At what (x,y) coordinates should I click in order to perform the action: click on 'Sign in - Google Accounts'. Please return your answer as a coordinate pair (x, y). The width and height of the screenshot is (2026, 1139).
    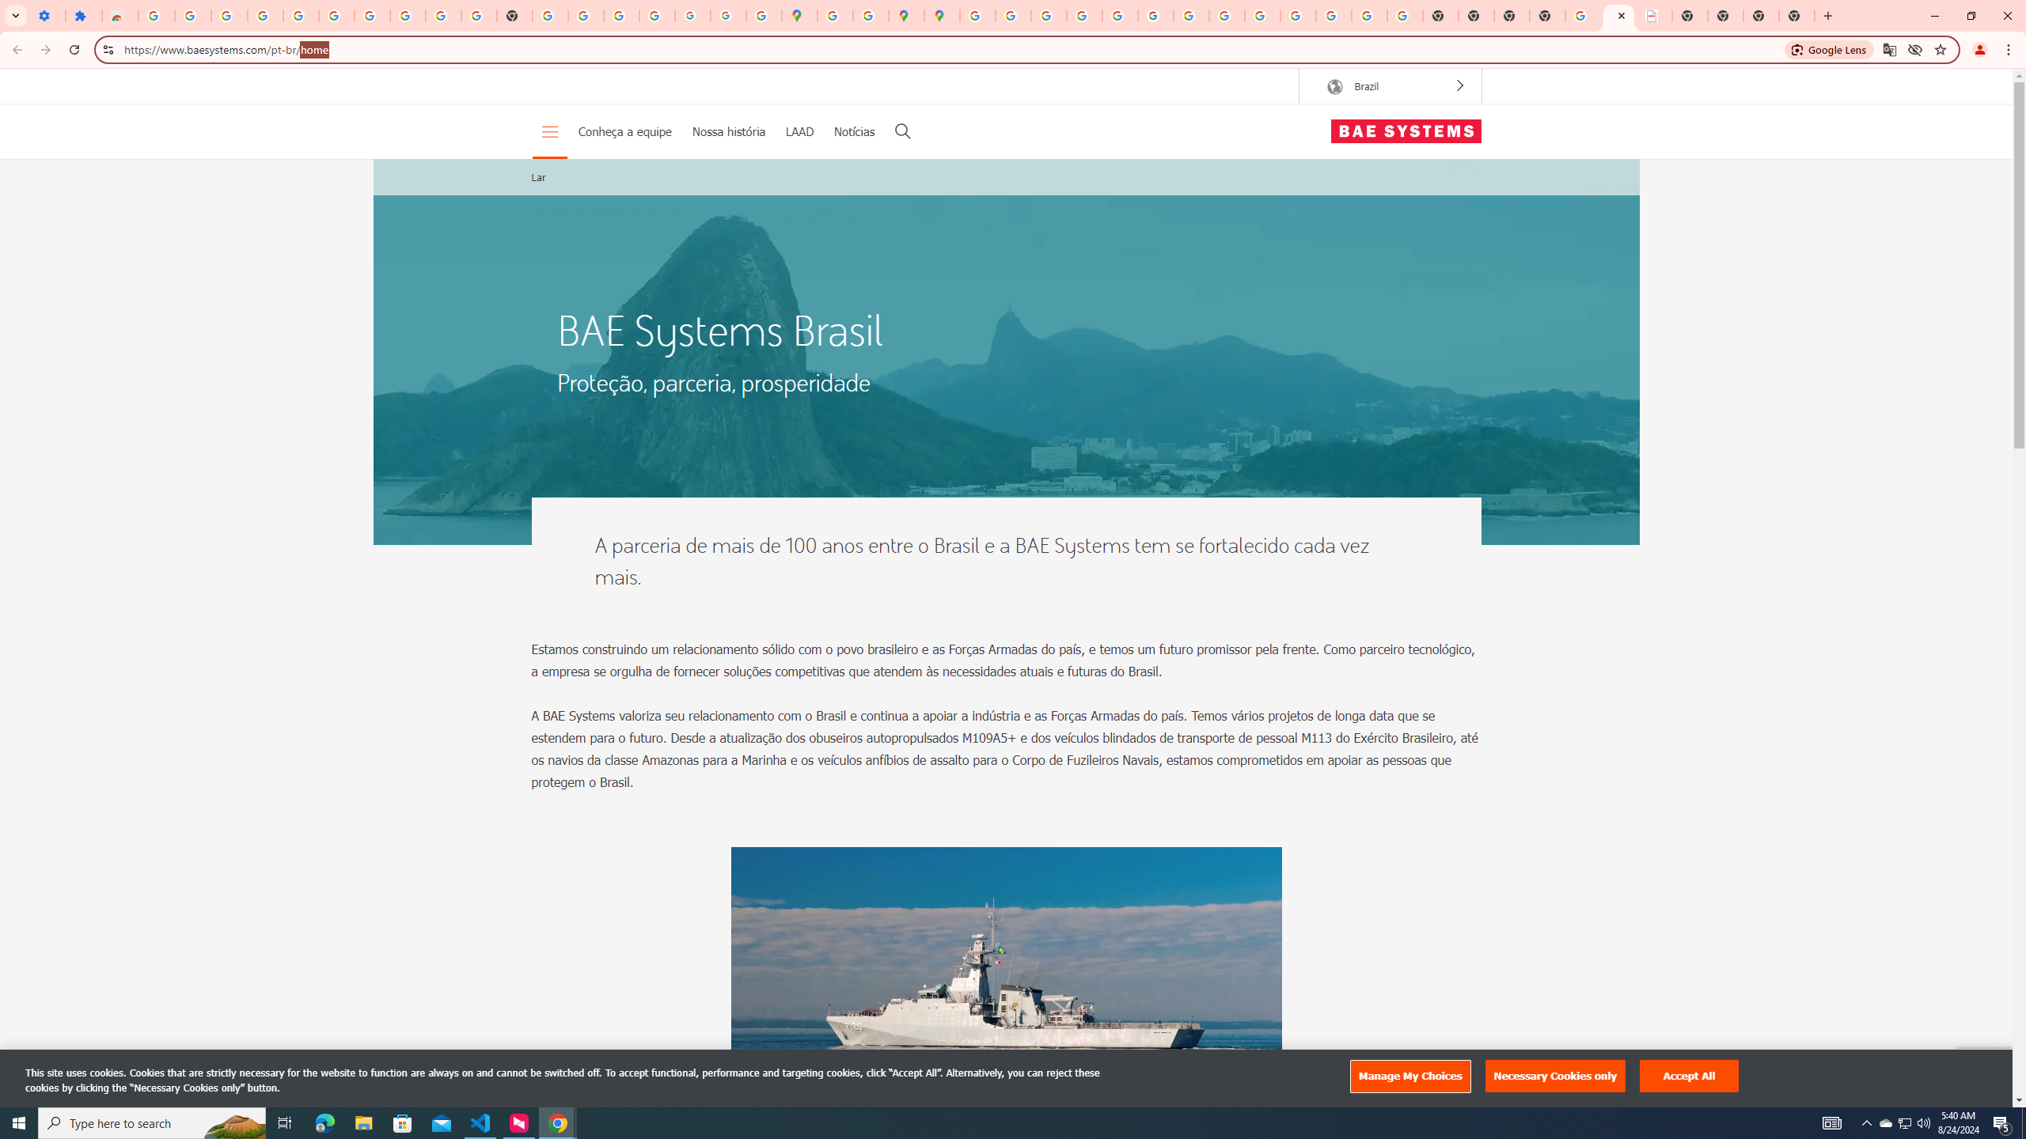
    Looking at the image, I should click on (156, 15).